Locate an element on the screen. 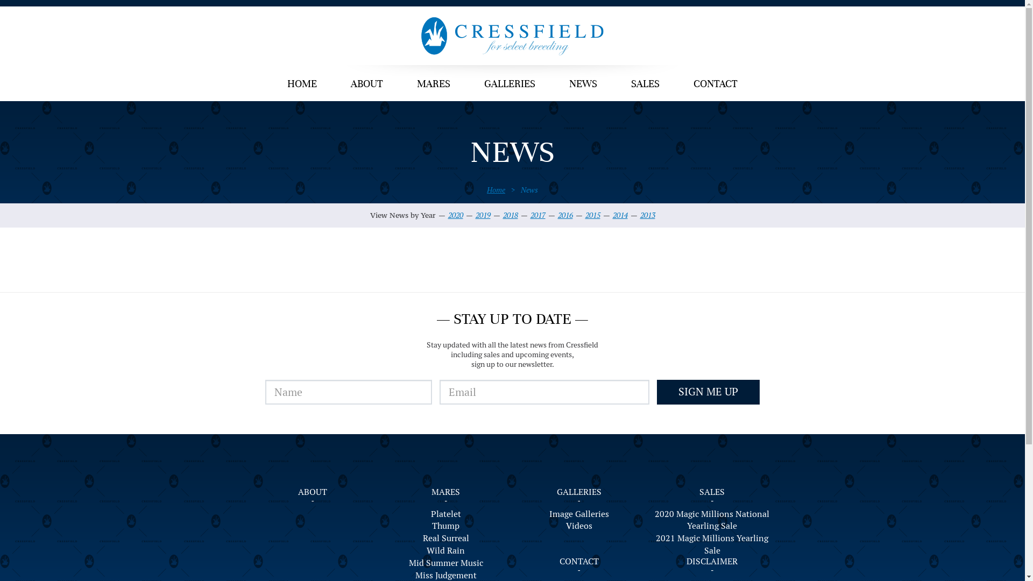 This screenshot has width=1033, height=581. 'GALLERIES' is located at coordinates (578, 492).